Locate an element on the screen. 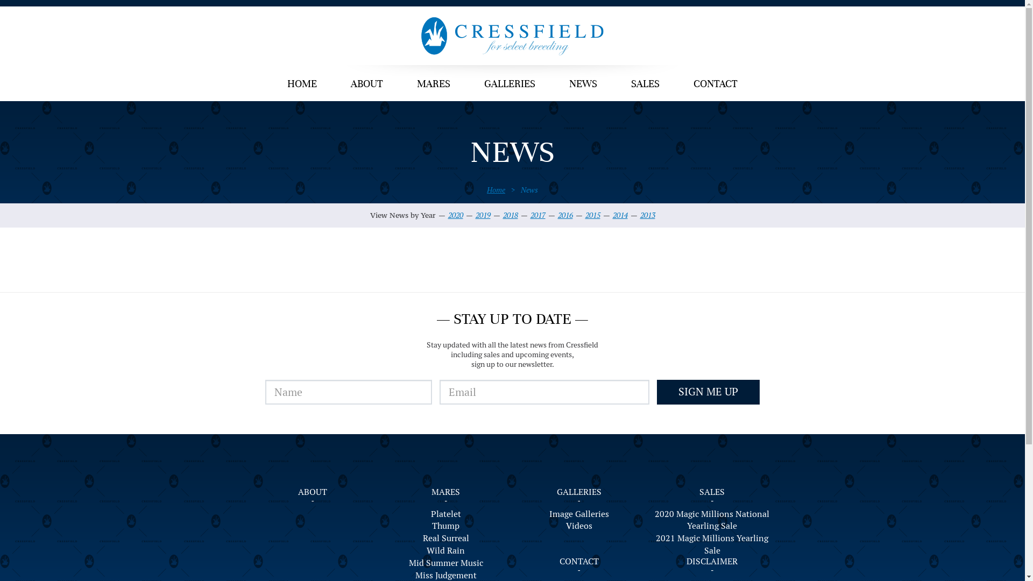 This screenshot has width=1033, height=581. 'GALLERIES' is located at coordinates (578, 492).